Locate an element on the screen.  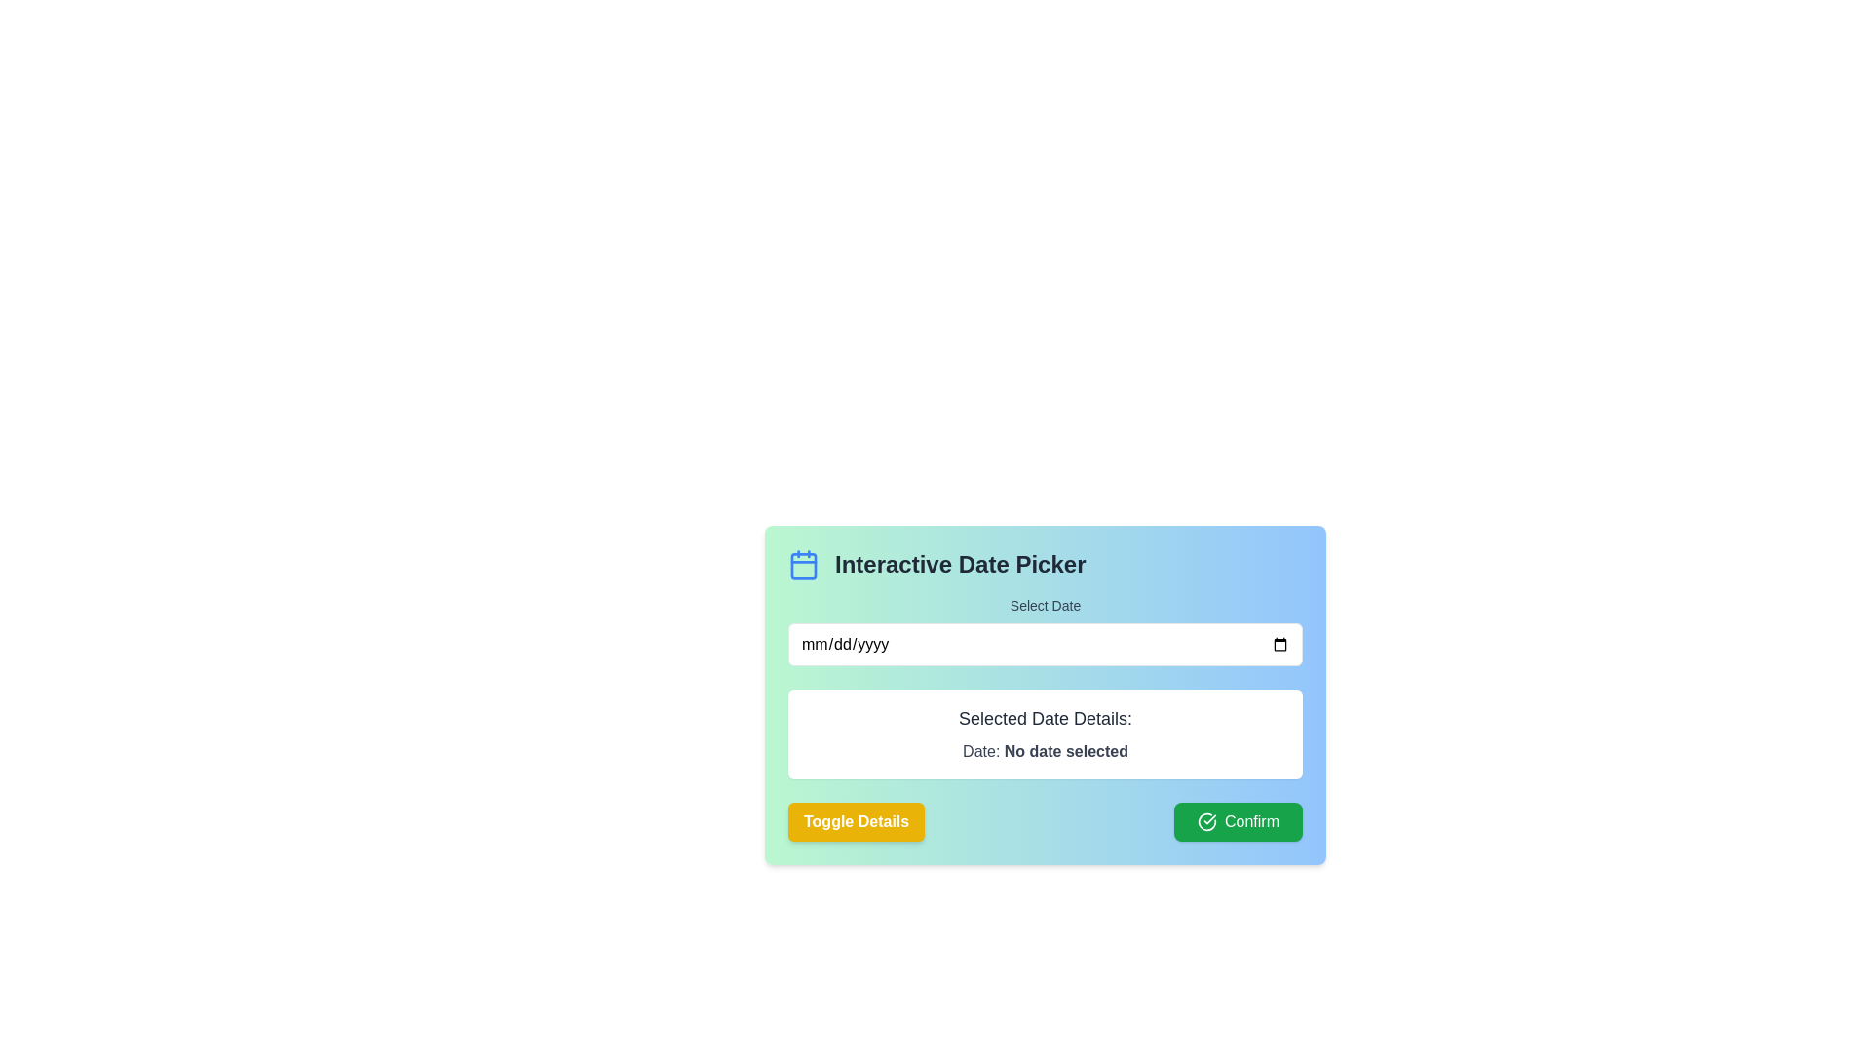
the confirmation action button located in the bottom-right corner of the card layout is located at coordinates (1238, 822).